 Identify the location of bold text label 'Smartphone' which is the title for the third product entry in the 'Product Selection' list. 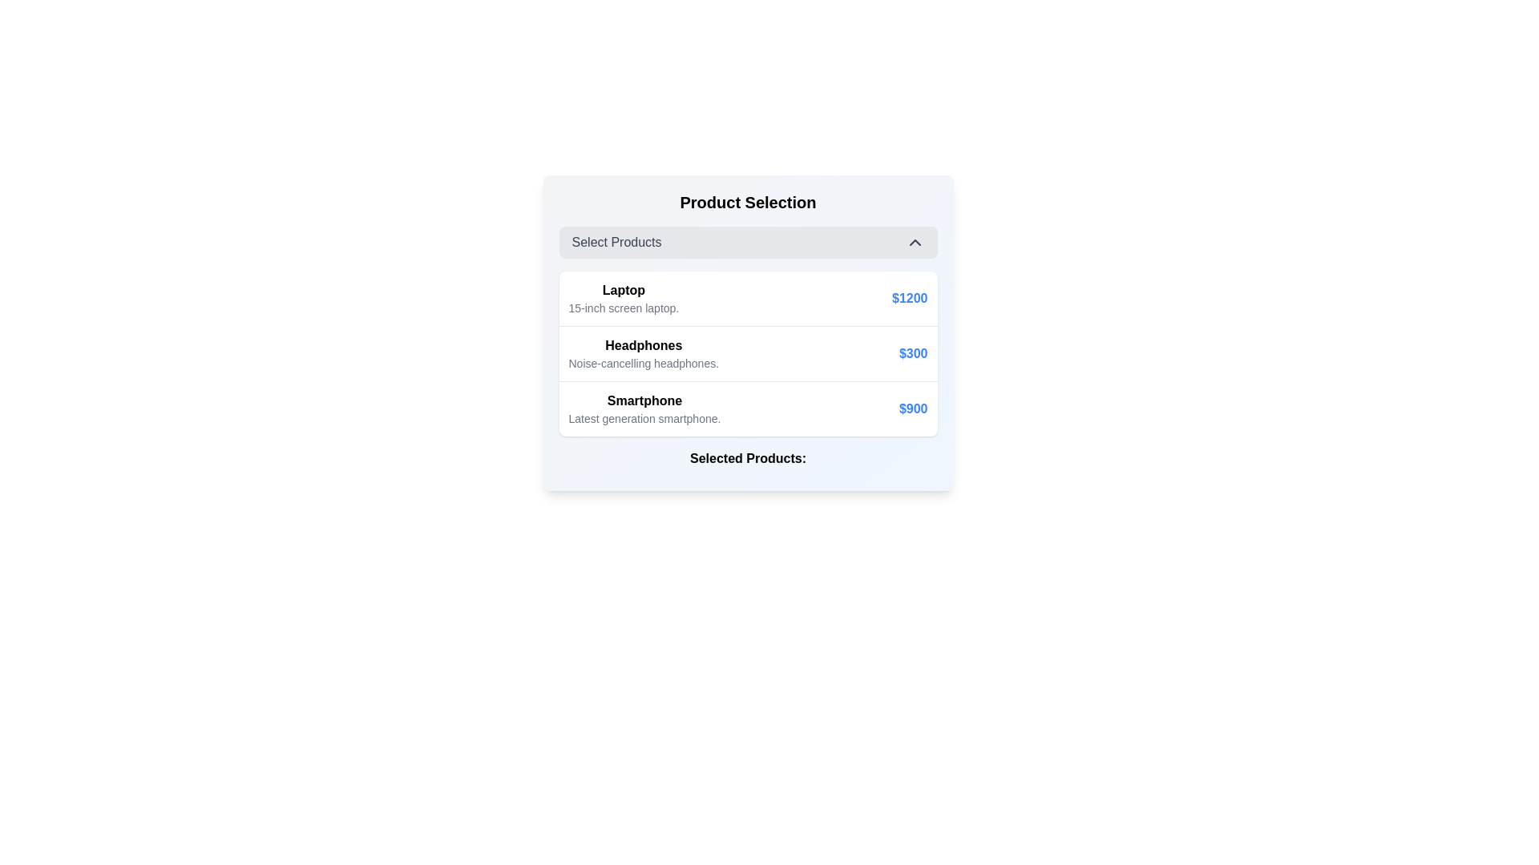
(644, 400).